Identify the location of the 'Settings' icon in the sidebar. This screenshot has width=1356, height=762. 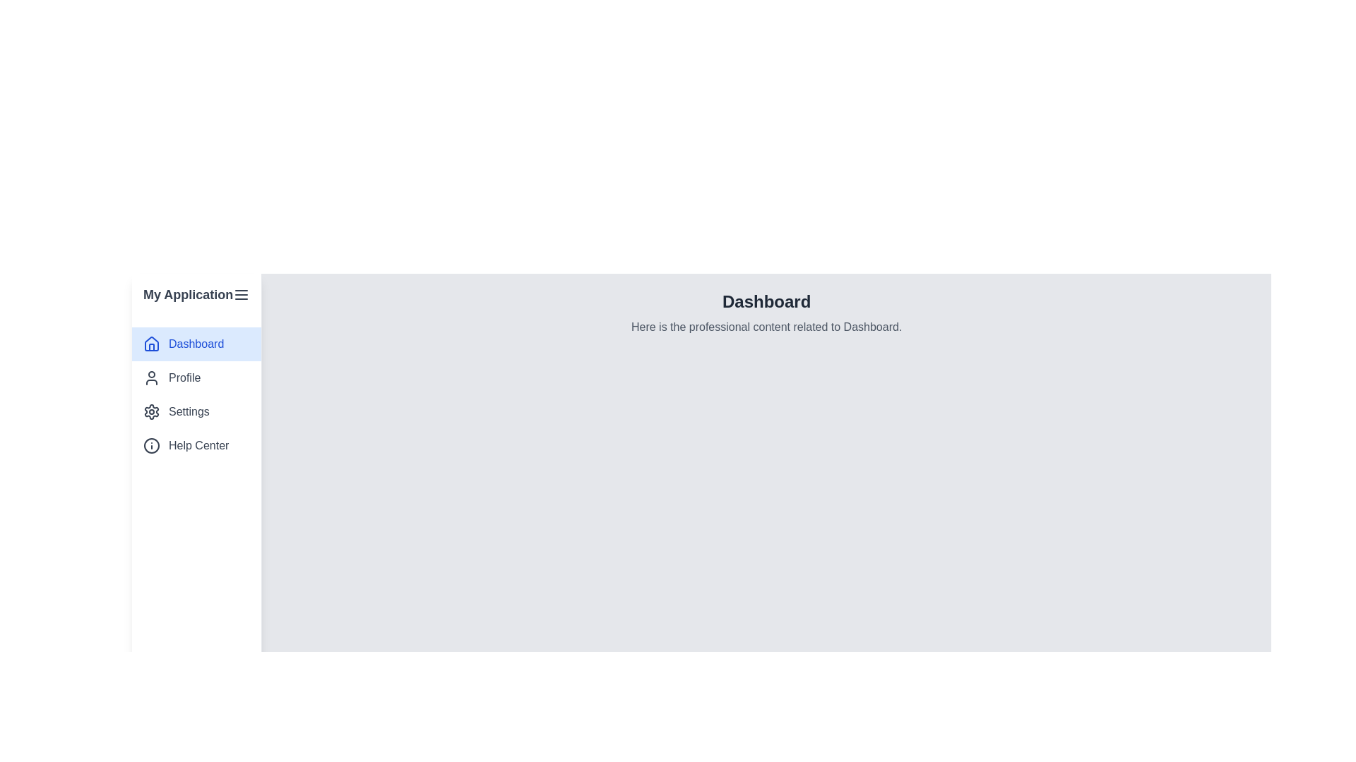
(152, 411).